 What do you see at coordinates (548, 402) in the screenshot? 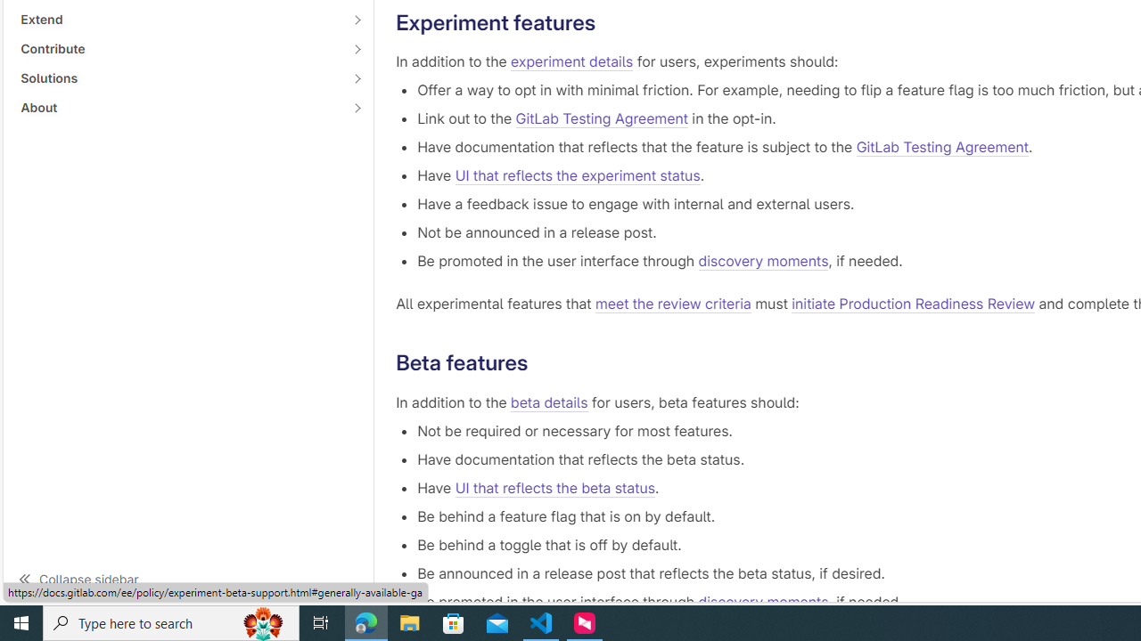
I see `'beta details'` at bounding box center [548, 402].